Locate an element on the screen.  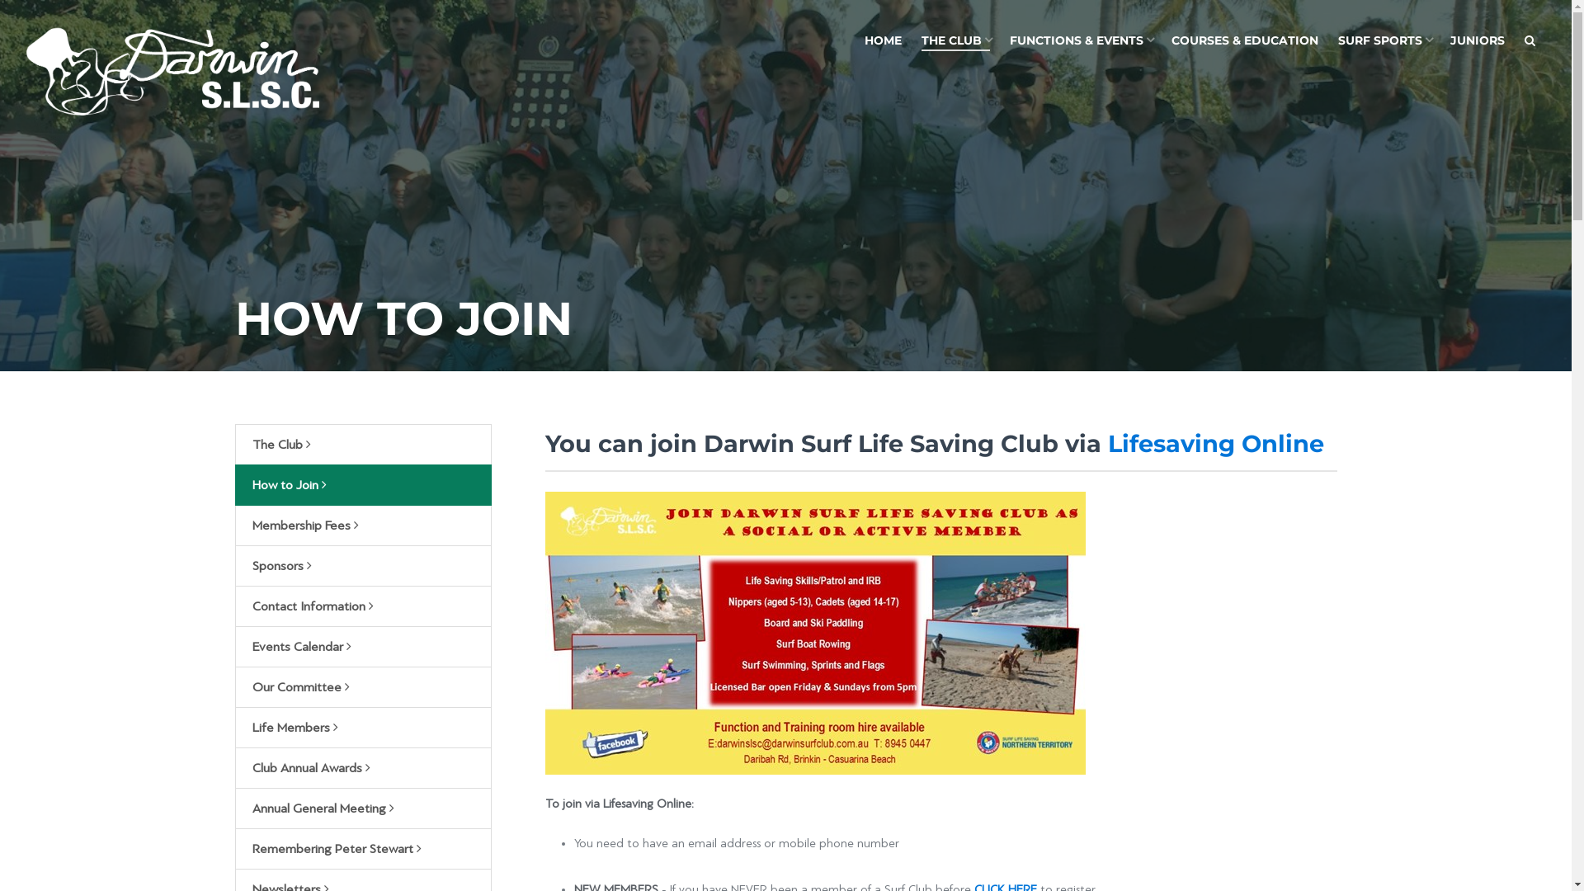
'HOME' is located at coordinates (882, 40).